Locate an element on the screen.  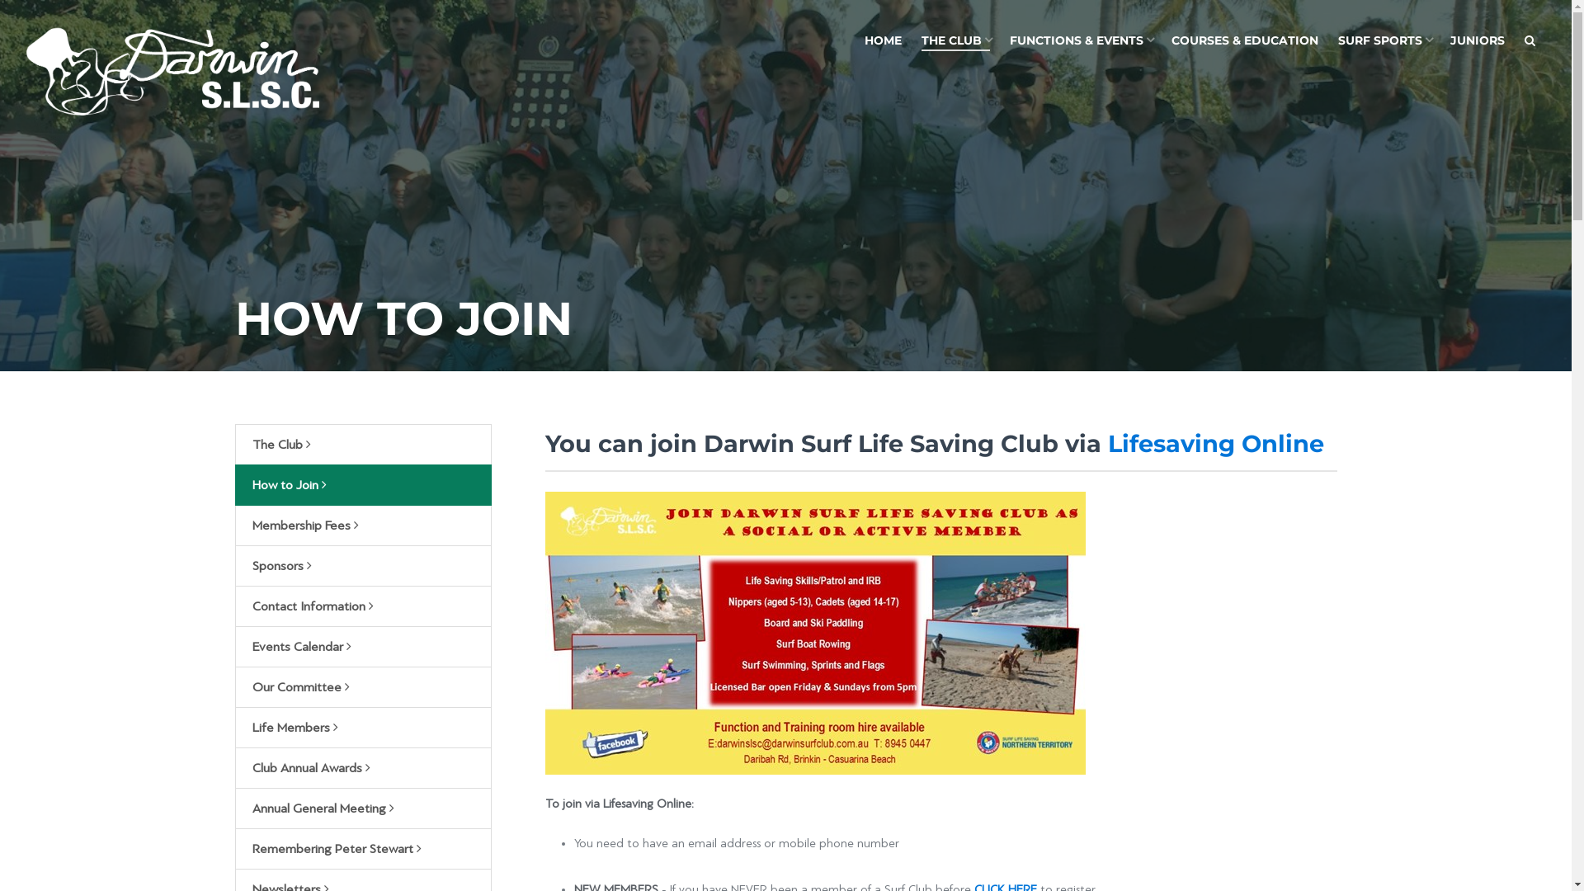
'HOME' is located at coordinates (882, 40).